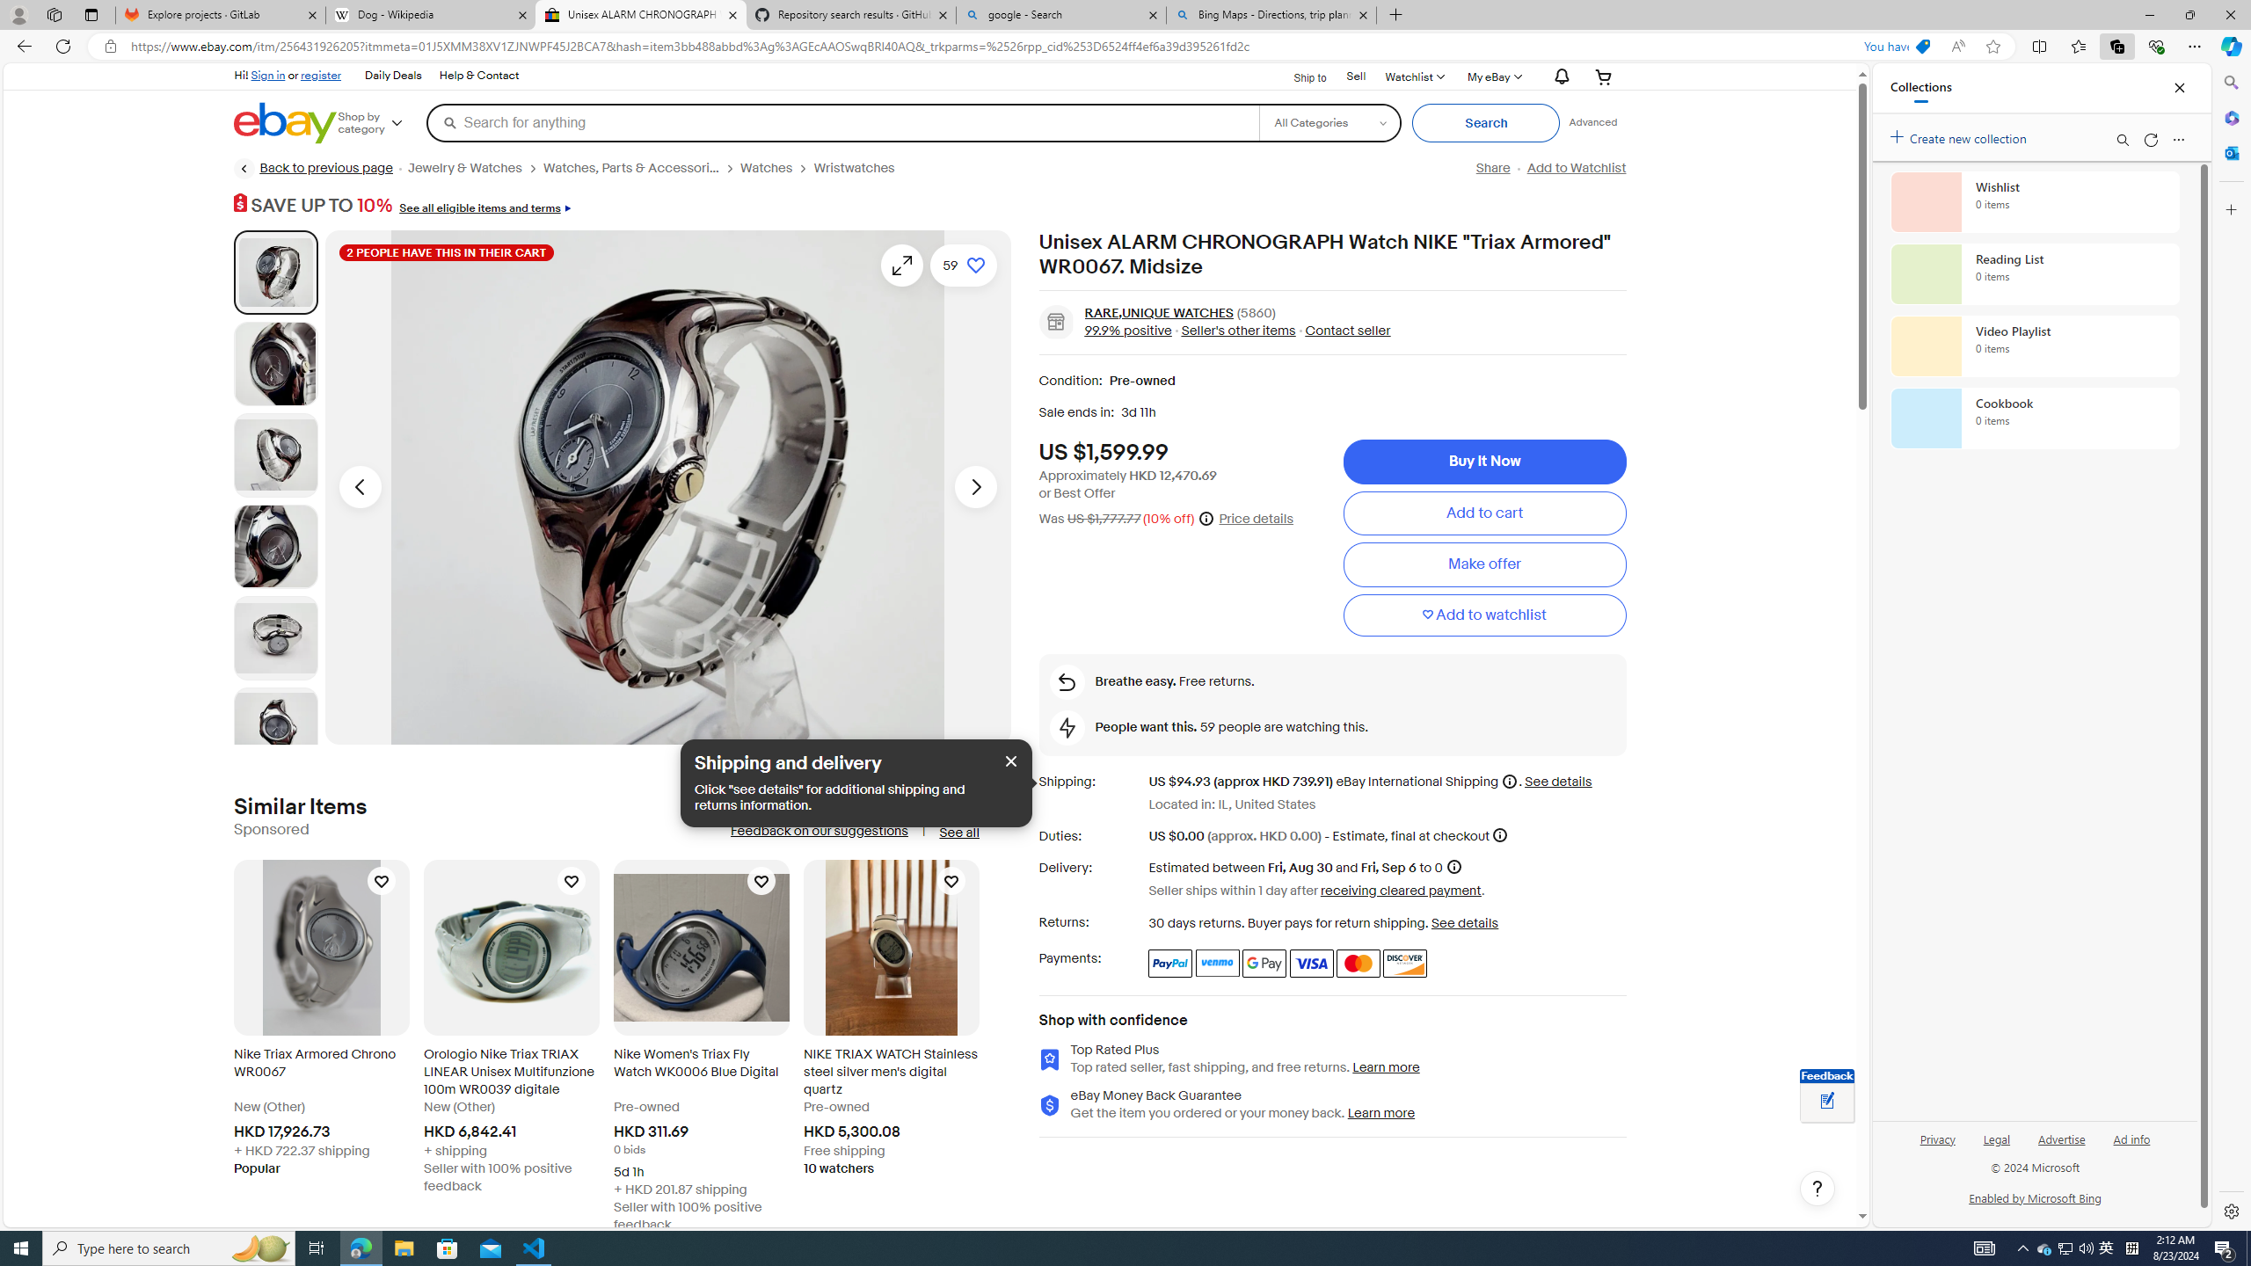  What do you see at coordinates (359, 487) in the screenshot?
I see `'Previous image - Item images thumbnails'` at bounding box center [359, 487].